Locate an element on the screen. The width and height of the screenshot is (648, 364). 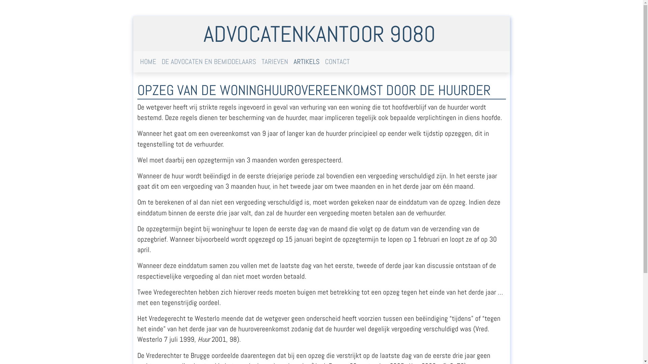
'TARIEVEN' is located at coordinates (274, 62).